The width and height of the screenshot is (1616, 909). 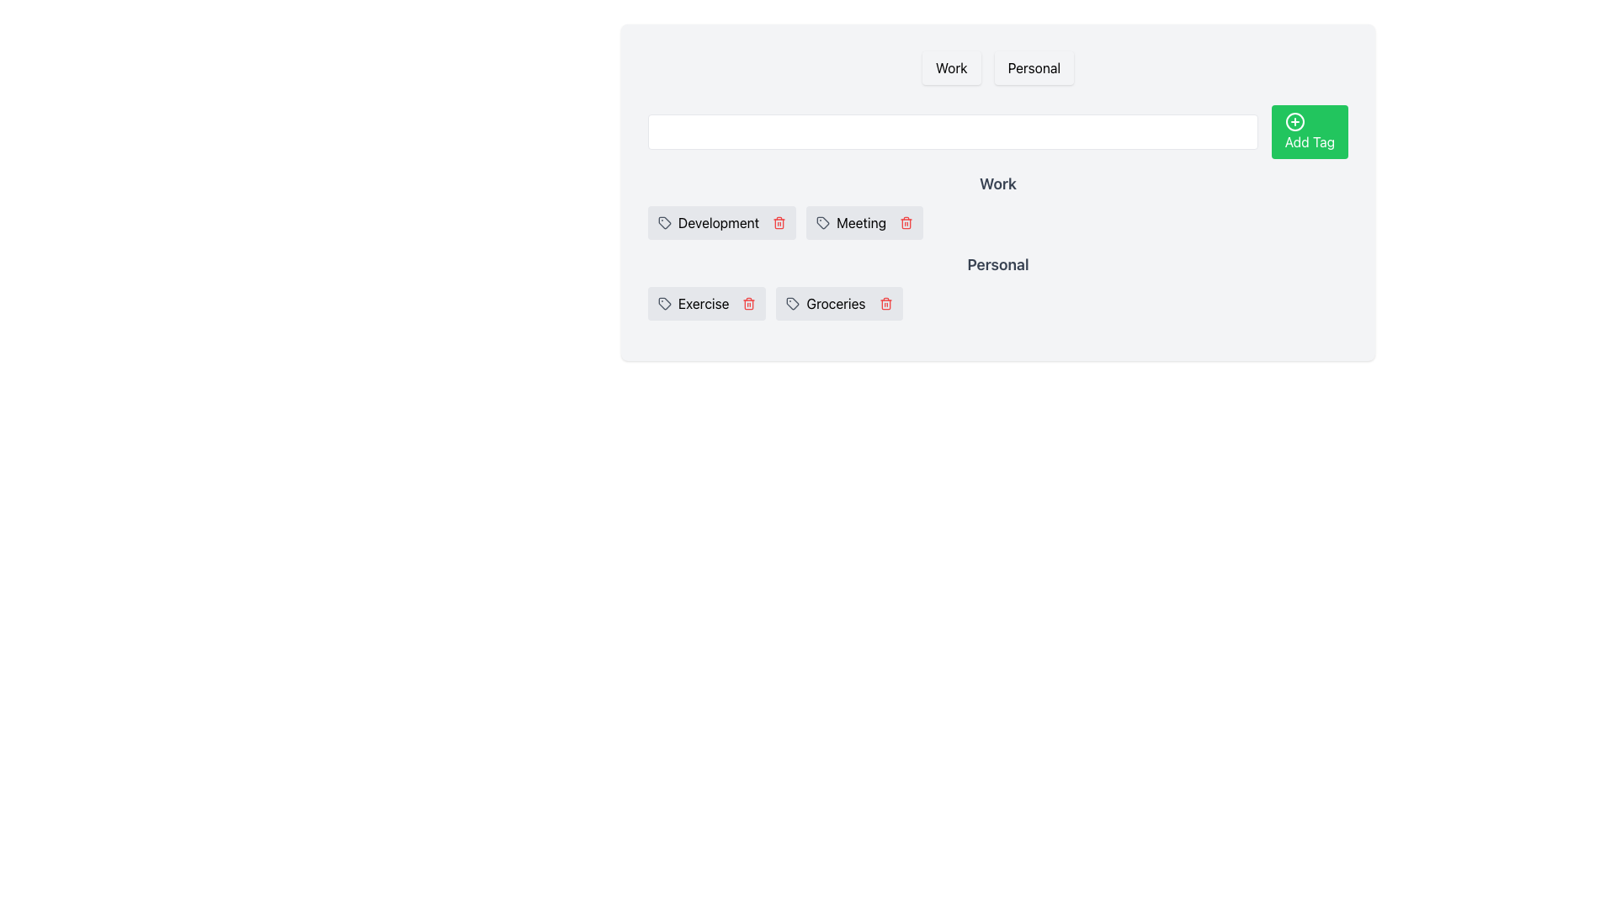 I want to click on the toggle button for the 'Personal' category, which is the second button in a pair located near the top of the interface, so click(x=1033, y=67).